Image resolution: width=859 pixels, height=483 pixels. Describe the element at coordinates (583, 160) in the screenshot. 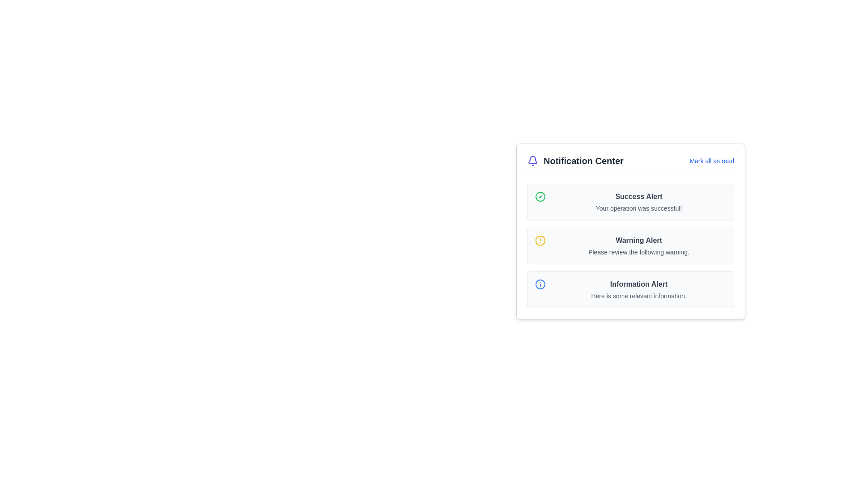

I see `the 'Notification Center' static text label, which is bold and gray, located in the header section of the notification panel` at that location.